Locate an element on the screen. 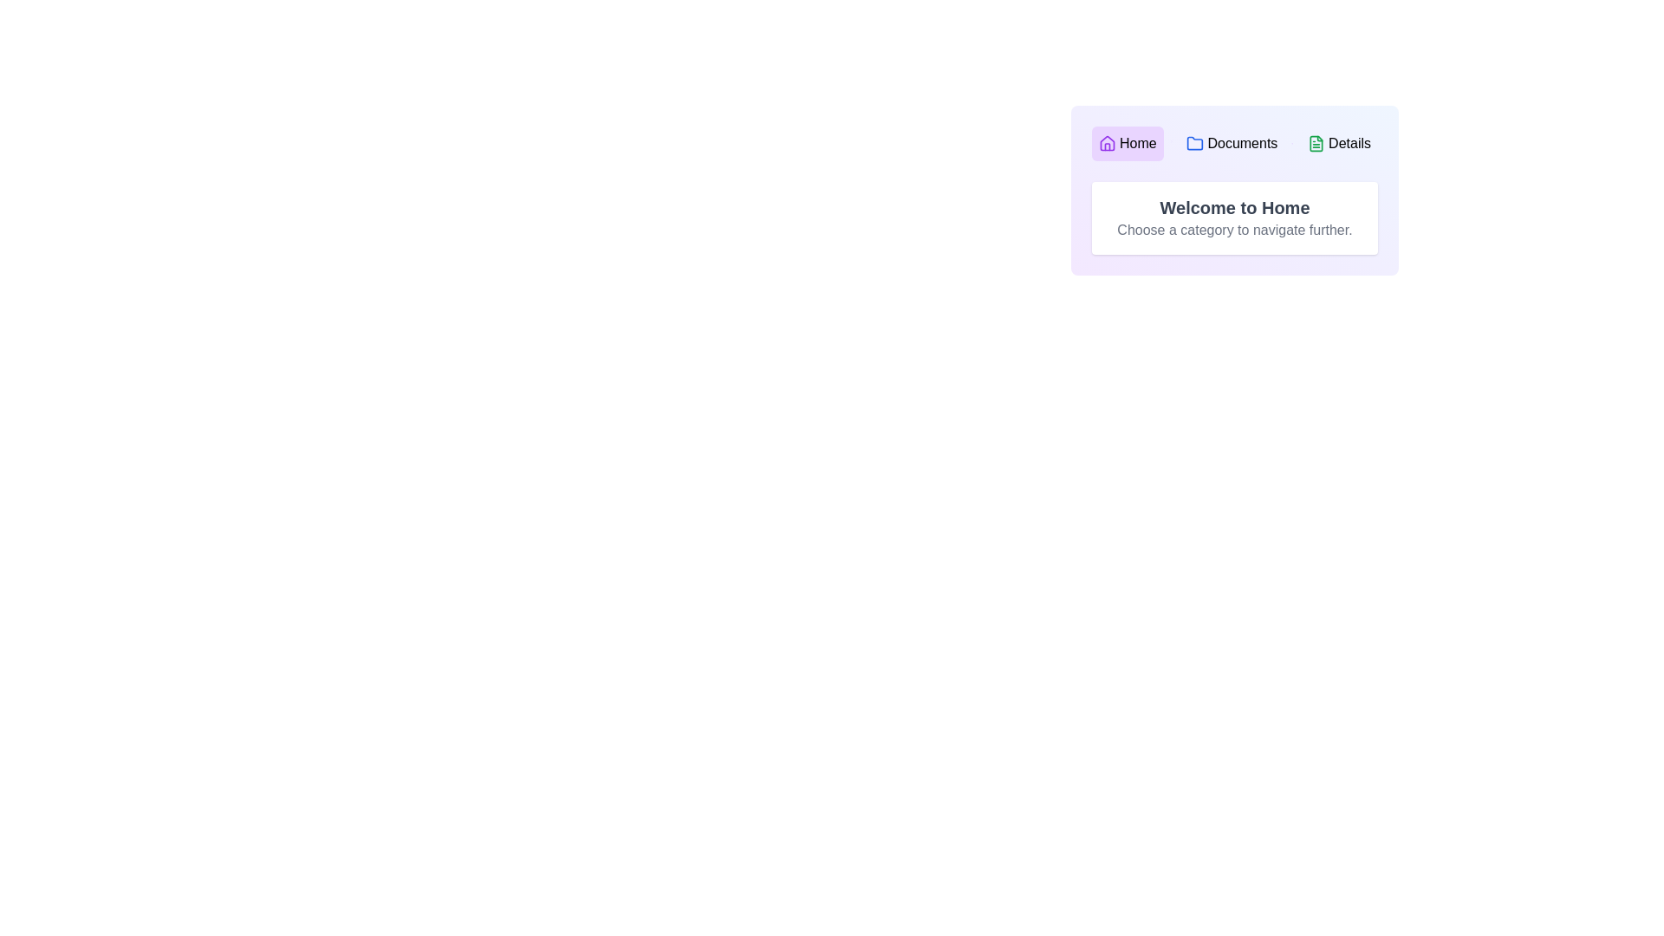 This screenshot has width=1664, height=936. the folder icon, which is styled as a navigation element and positioned as the second icon from the left in the header area is located at coordinates (1194, 142).